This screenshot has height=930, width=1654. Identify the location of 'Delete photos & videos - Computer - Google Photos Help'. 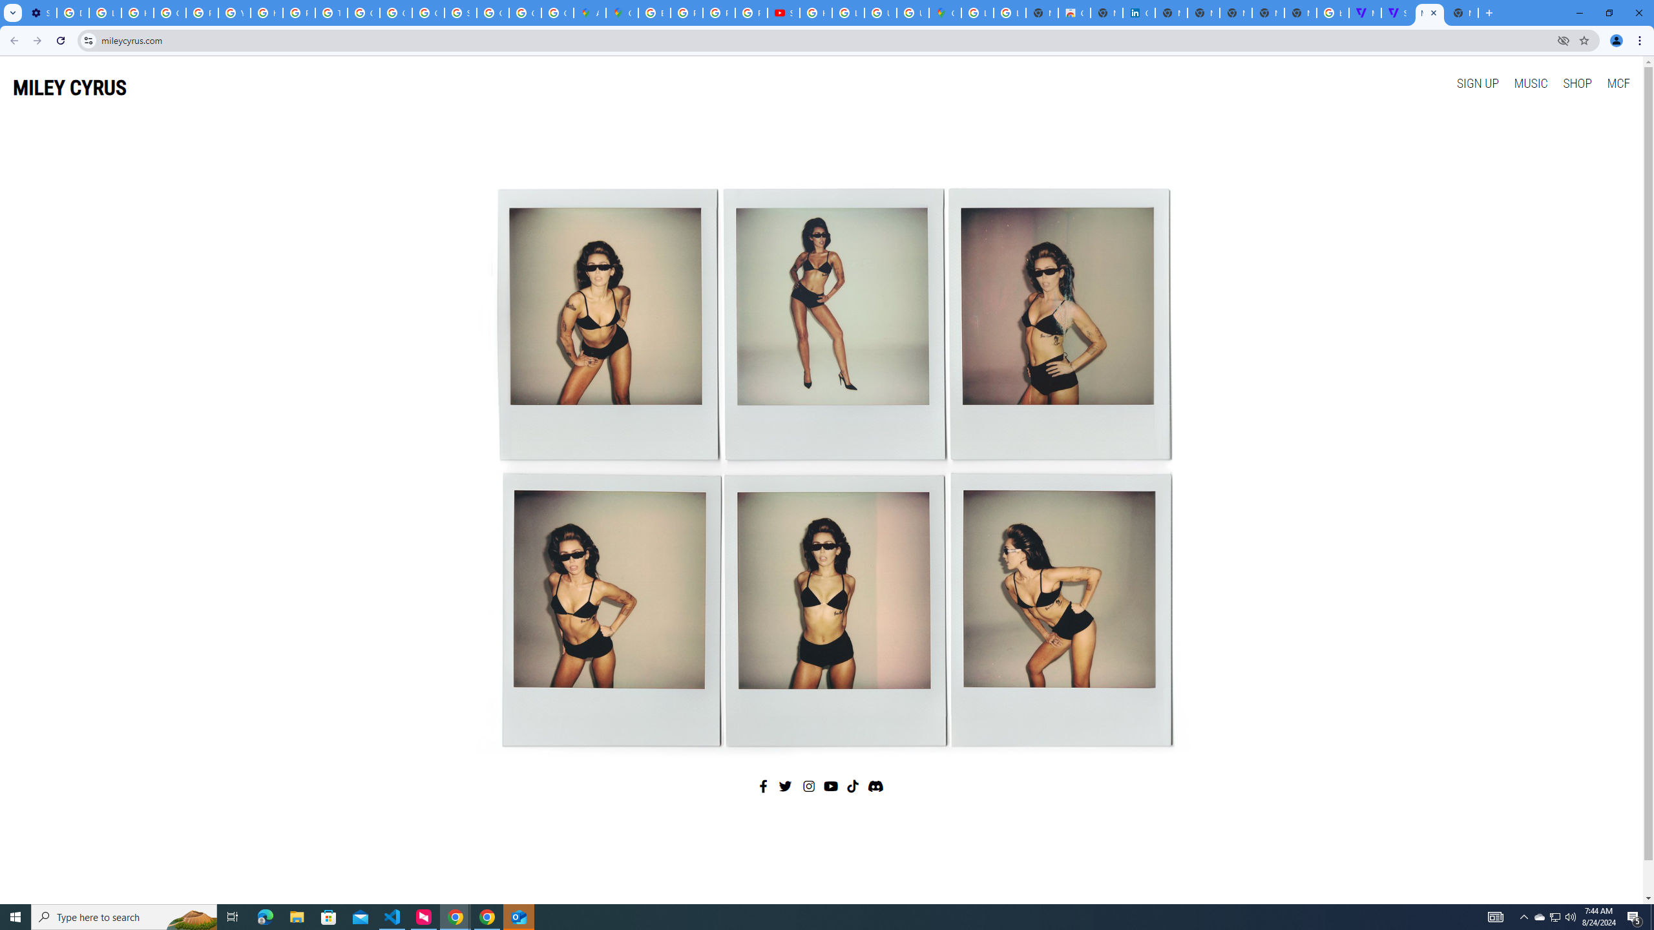
(72, 12).